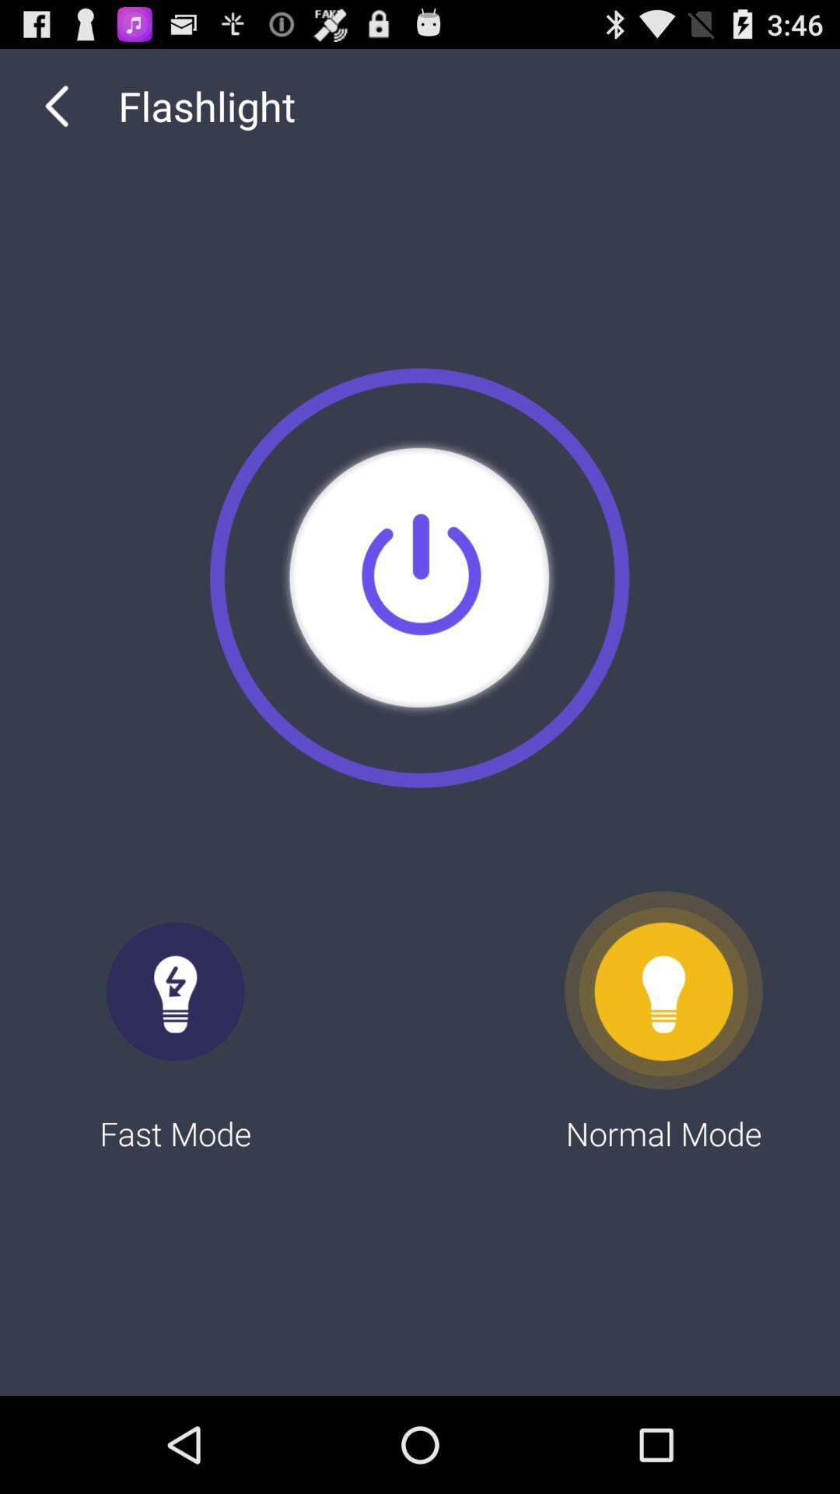 This screenshot has height=1494, width=840. I want to click on icon at the bottom left corner, so click(175, 1022).